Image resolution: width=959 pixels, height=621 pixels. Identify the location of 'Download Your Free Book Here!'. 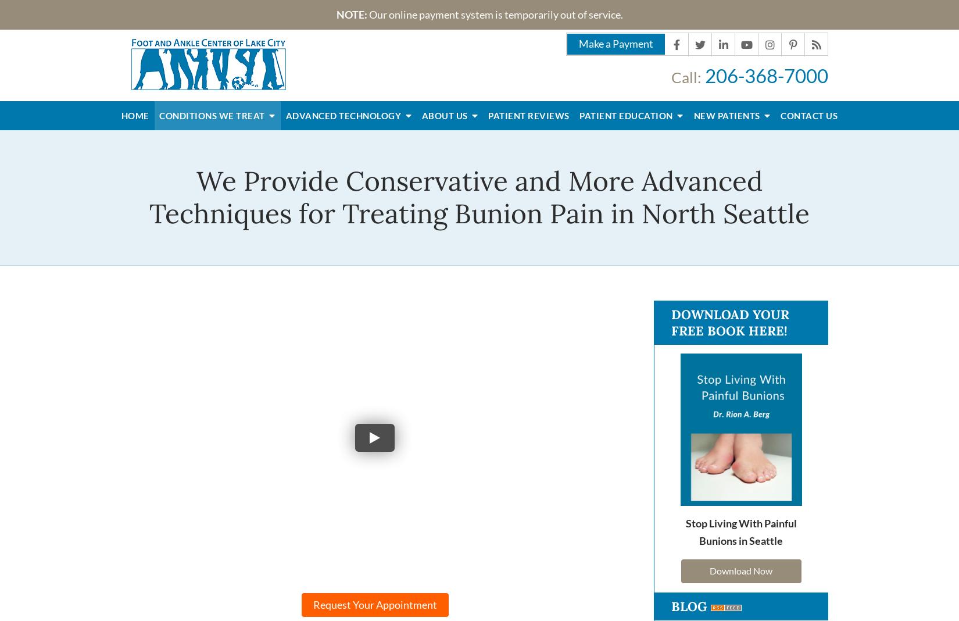
(729, 327).